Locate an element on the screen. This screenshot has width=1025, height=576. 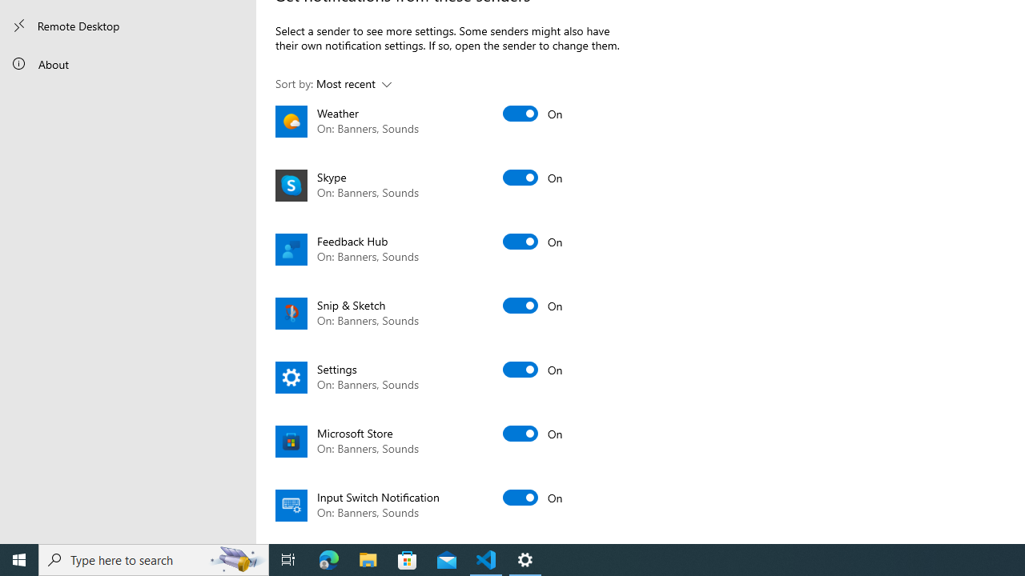
'Microsoft Edge' is located at coordinates (328, 558).